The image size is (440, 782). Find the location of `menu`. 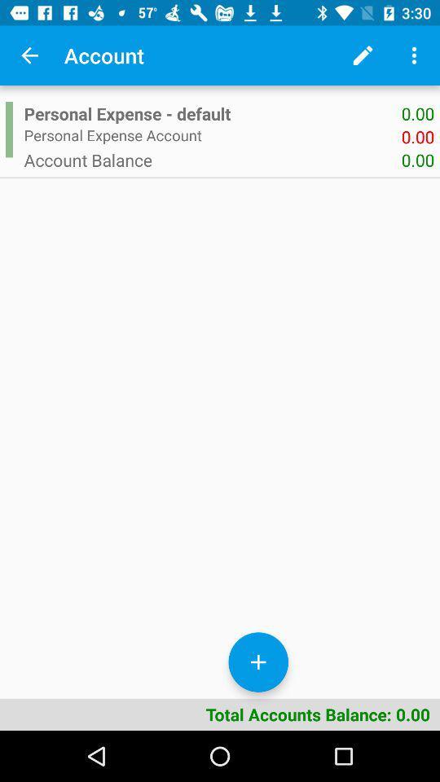

menu is located at coordinates (414, 55).